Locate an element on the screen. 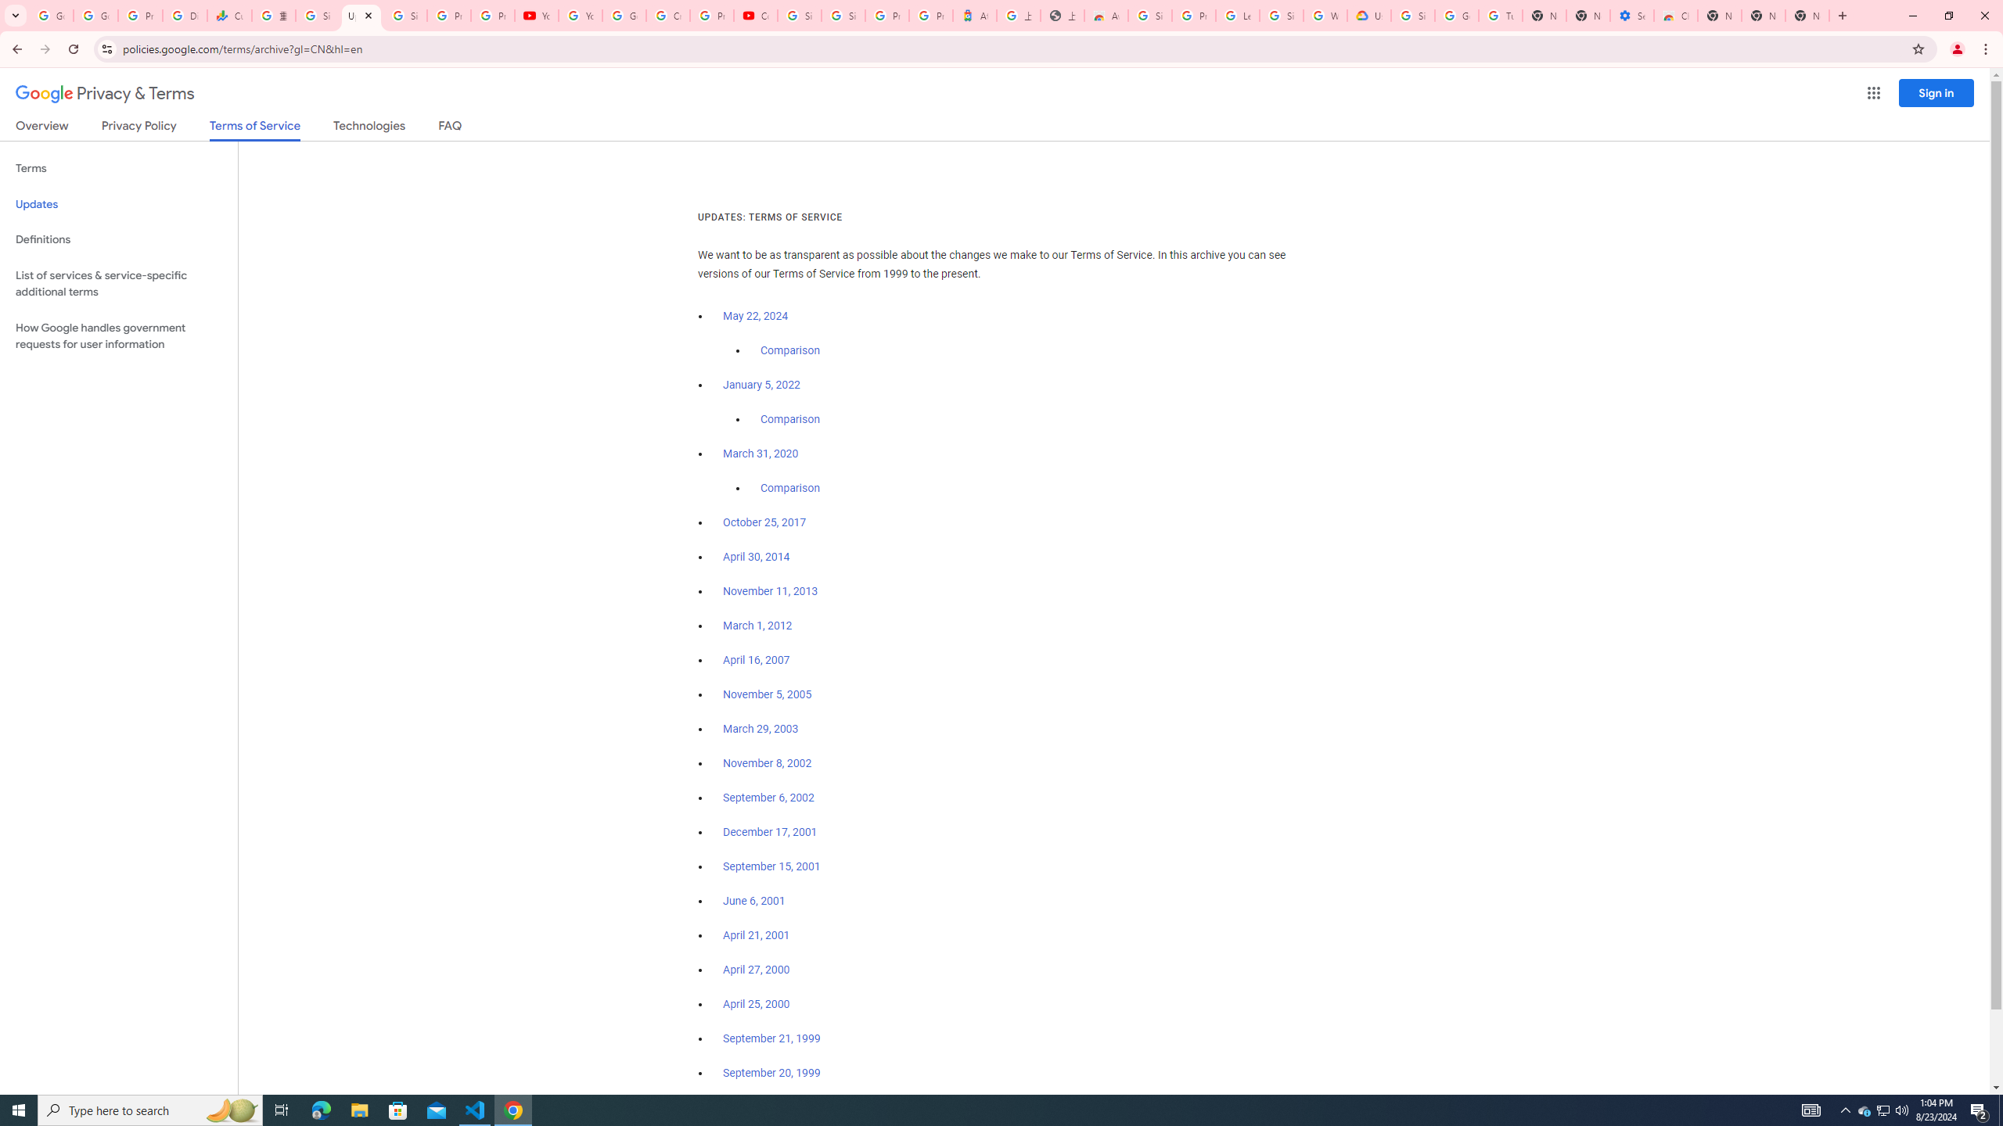  'April 21, 2001' is located at coordinates (756, 934).